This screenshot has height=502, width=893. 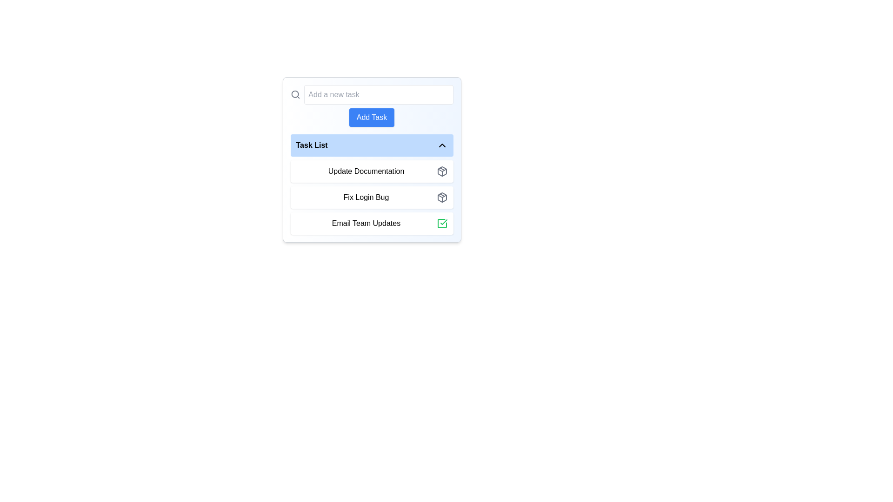 I want to click on the green checkbox with a checkmark located at the far right end of the 'Email Team Updates' row in the 'Task List' section, so click(x=441, y=224).